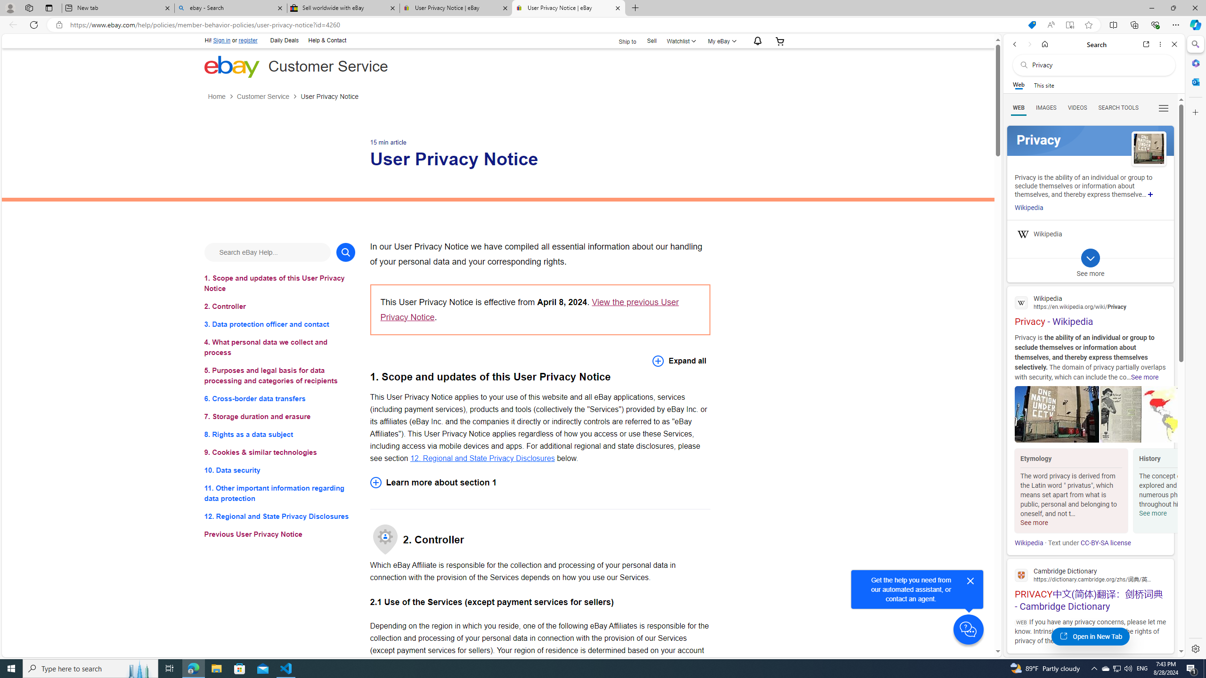 This screenshot has width=1206, height=678. I want to click on '11. Other important information regarding data protection', so click(279, 493).